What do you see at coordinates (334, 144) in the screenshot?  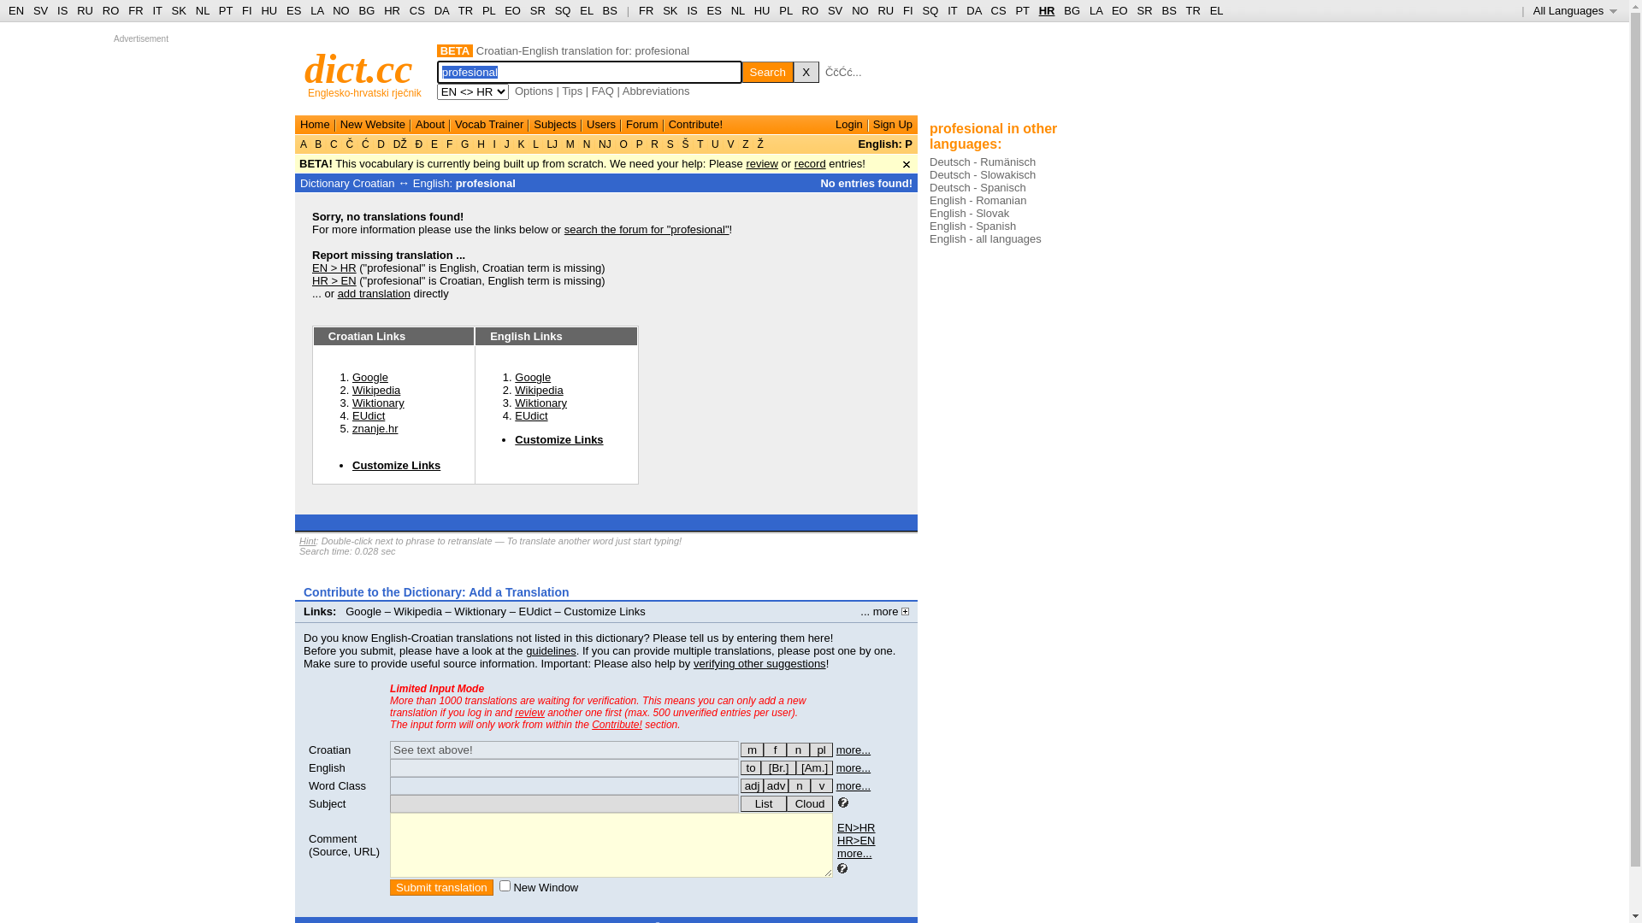 I see `'C'` at bounding box center [334, 144].